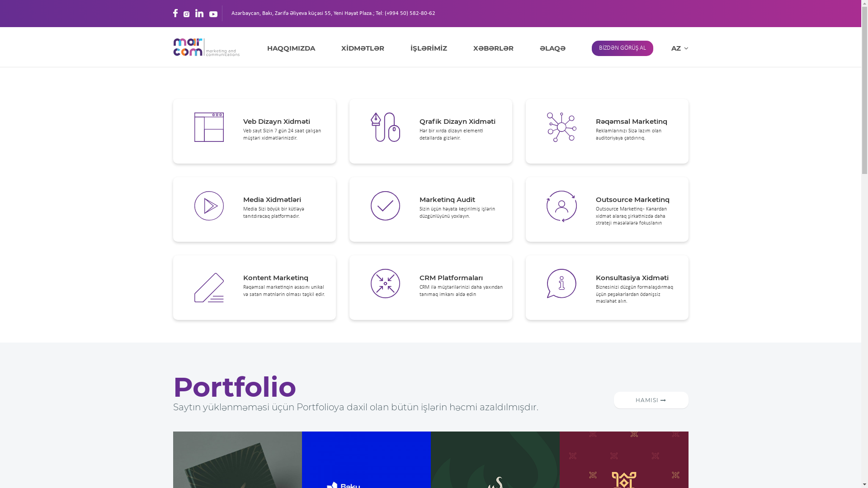 The image size is (868, 488). What do you see at coordinates (212, 13) in the screenshot?
I see `'youtube'` at bounding box center [212, 13].